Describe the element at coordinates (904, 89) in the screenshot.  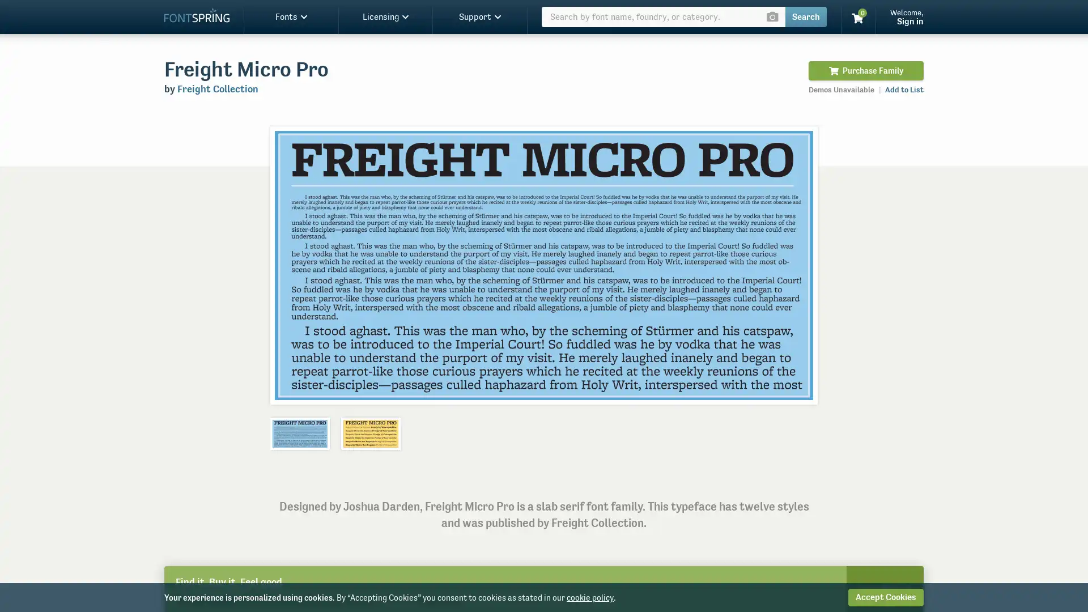
I see `Add to List` at that location.